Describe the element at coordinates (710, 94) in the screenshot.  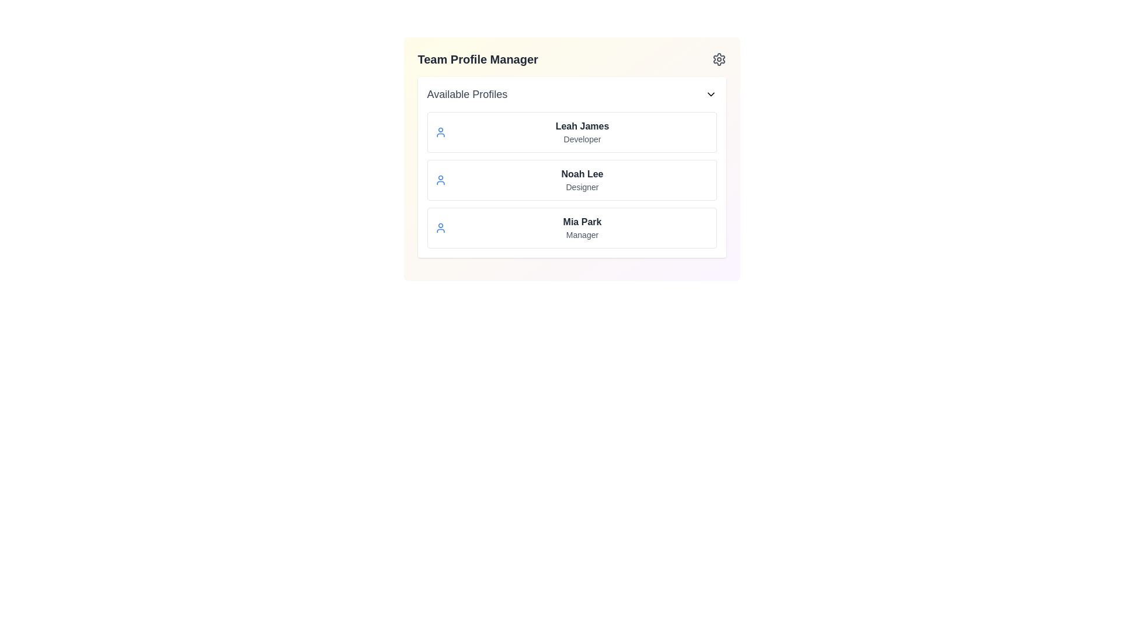
I see `the downward-facing arrow icon located at the top-right corner of the 'Available Profiles' section` at that location.